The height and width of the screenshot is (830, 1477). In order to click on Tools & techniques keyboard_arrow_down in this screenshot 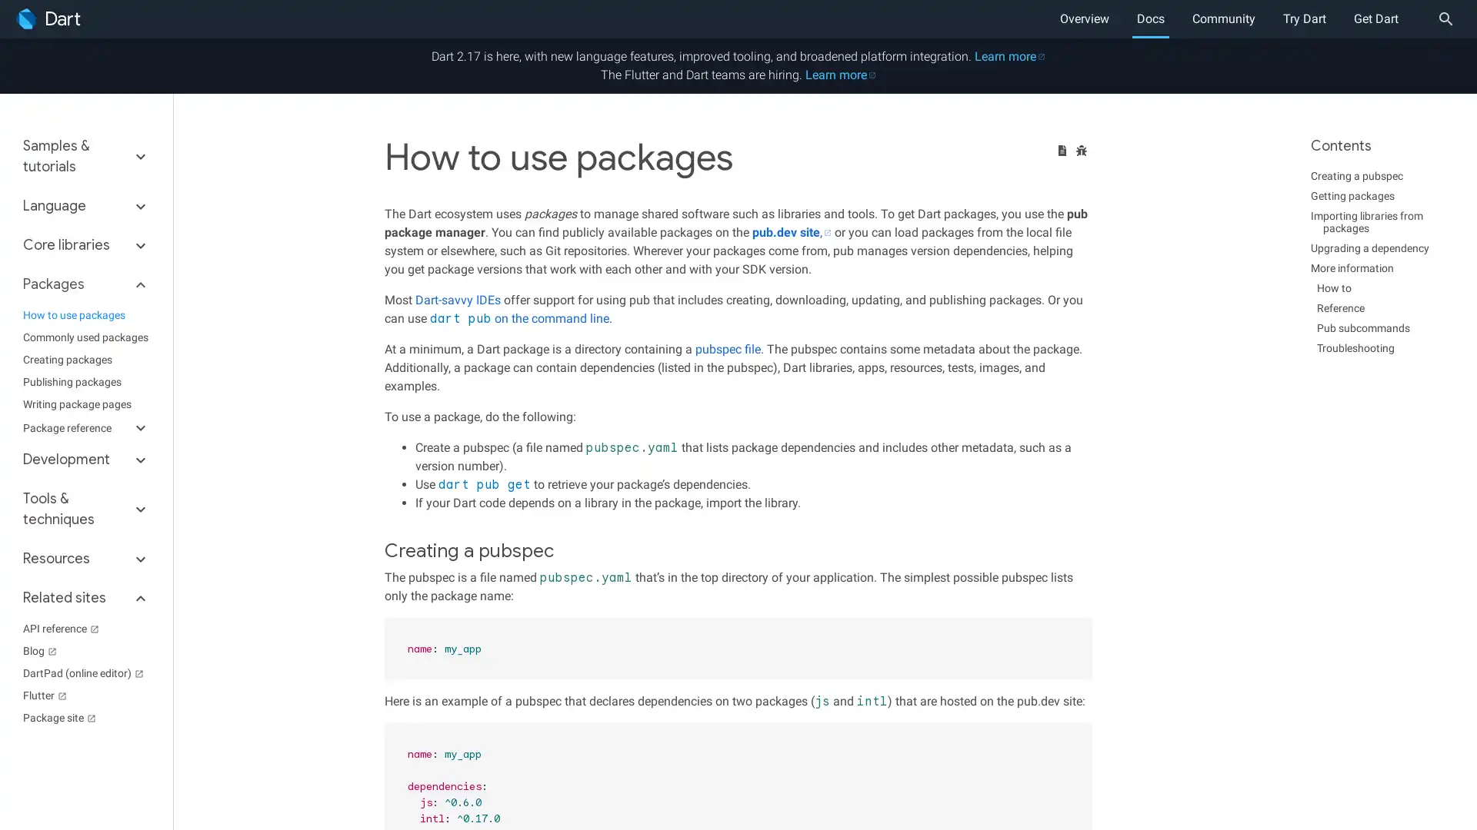, I will do `click(85, 510)`.